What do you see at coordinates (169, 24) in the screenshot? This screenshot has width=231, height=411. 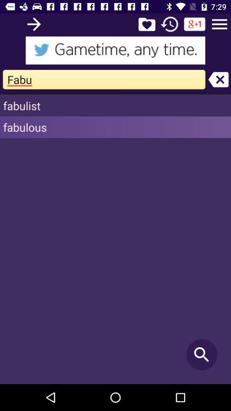 I see `timer icon` at bounding box center [169, 24].